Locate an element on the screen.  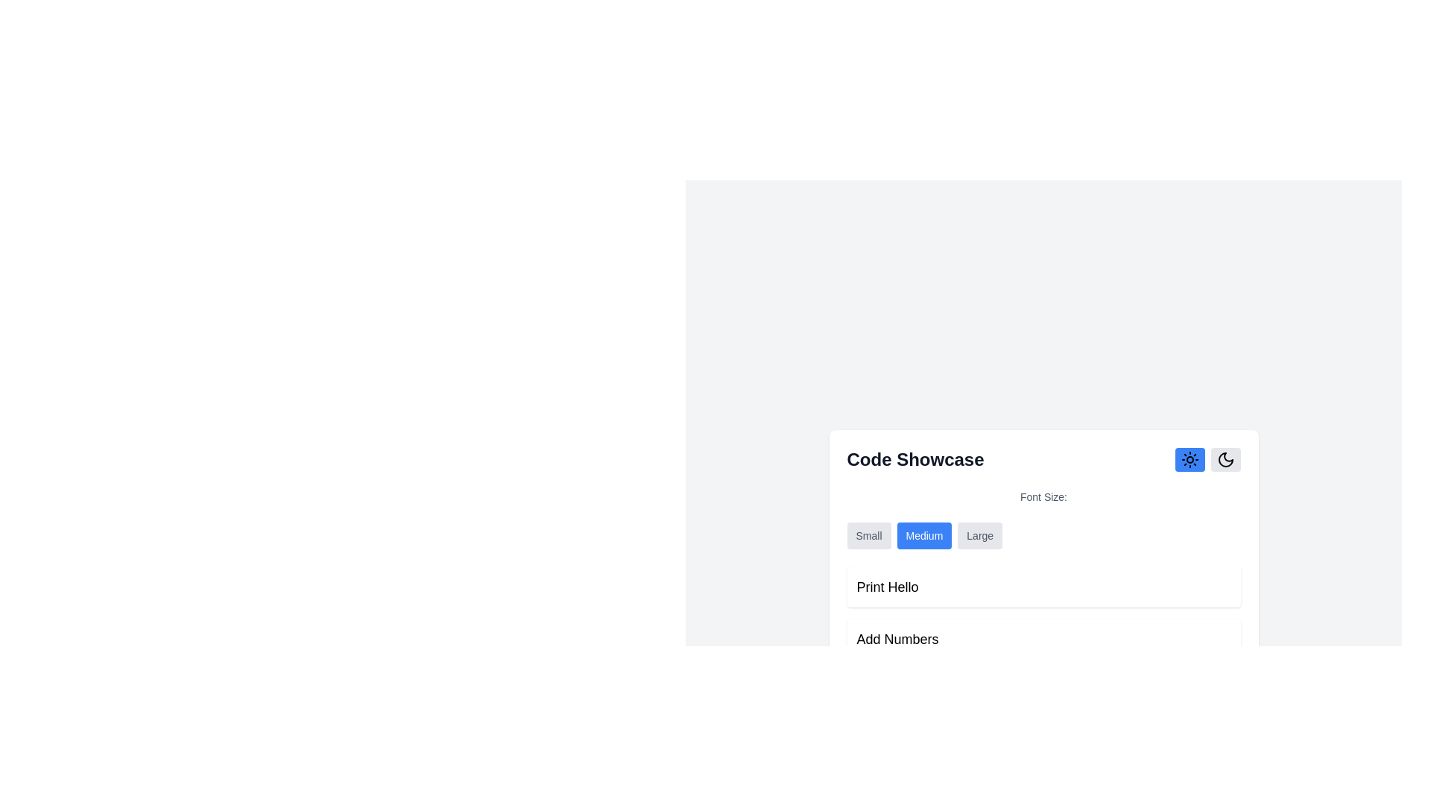
the interactive button that displays 'Hello' and is the first in a vertical group of buttons, located in the center-right section of the interface is located at coordinates (1043, 586).